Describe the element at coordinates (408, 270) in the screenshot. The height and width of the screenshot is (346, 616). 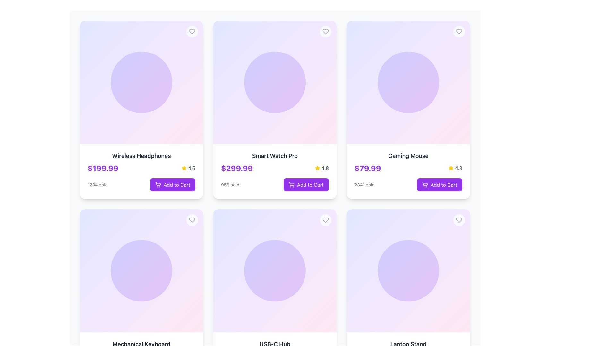
I see `the circular Decorative background element with a gradient transitioning from indigo to purple, located in the 'Laptop Stand' card in the bottom-right corner of the layout` at that location.